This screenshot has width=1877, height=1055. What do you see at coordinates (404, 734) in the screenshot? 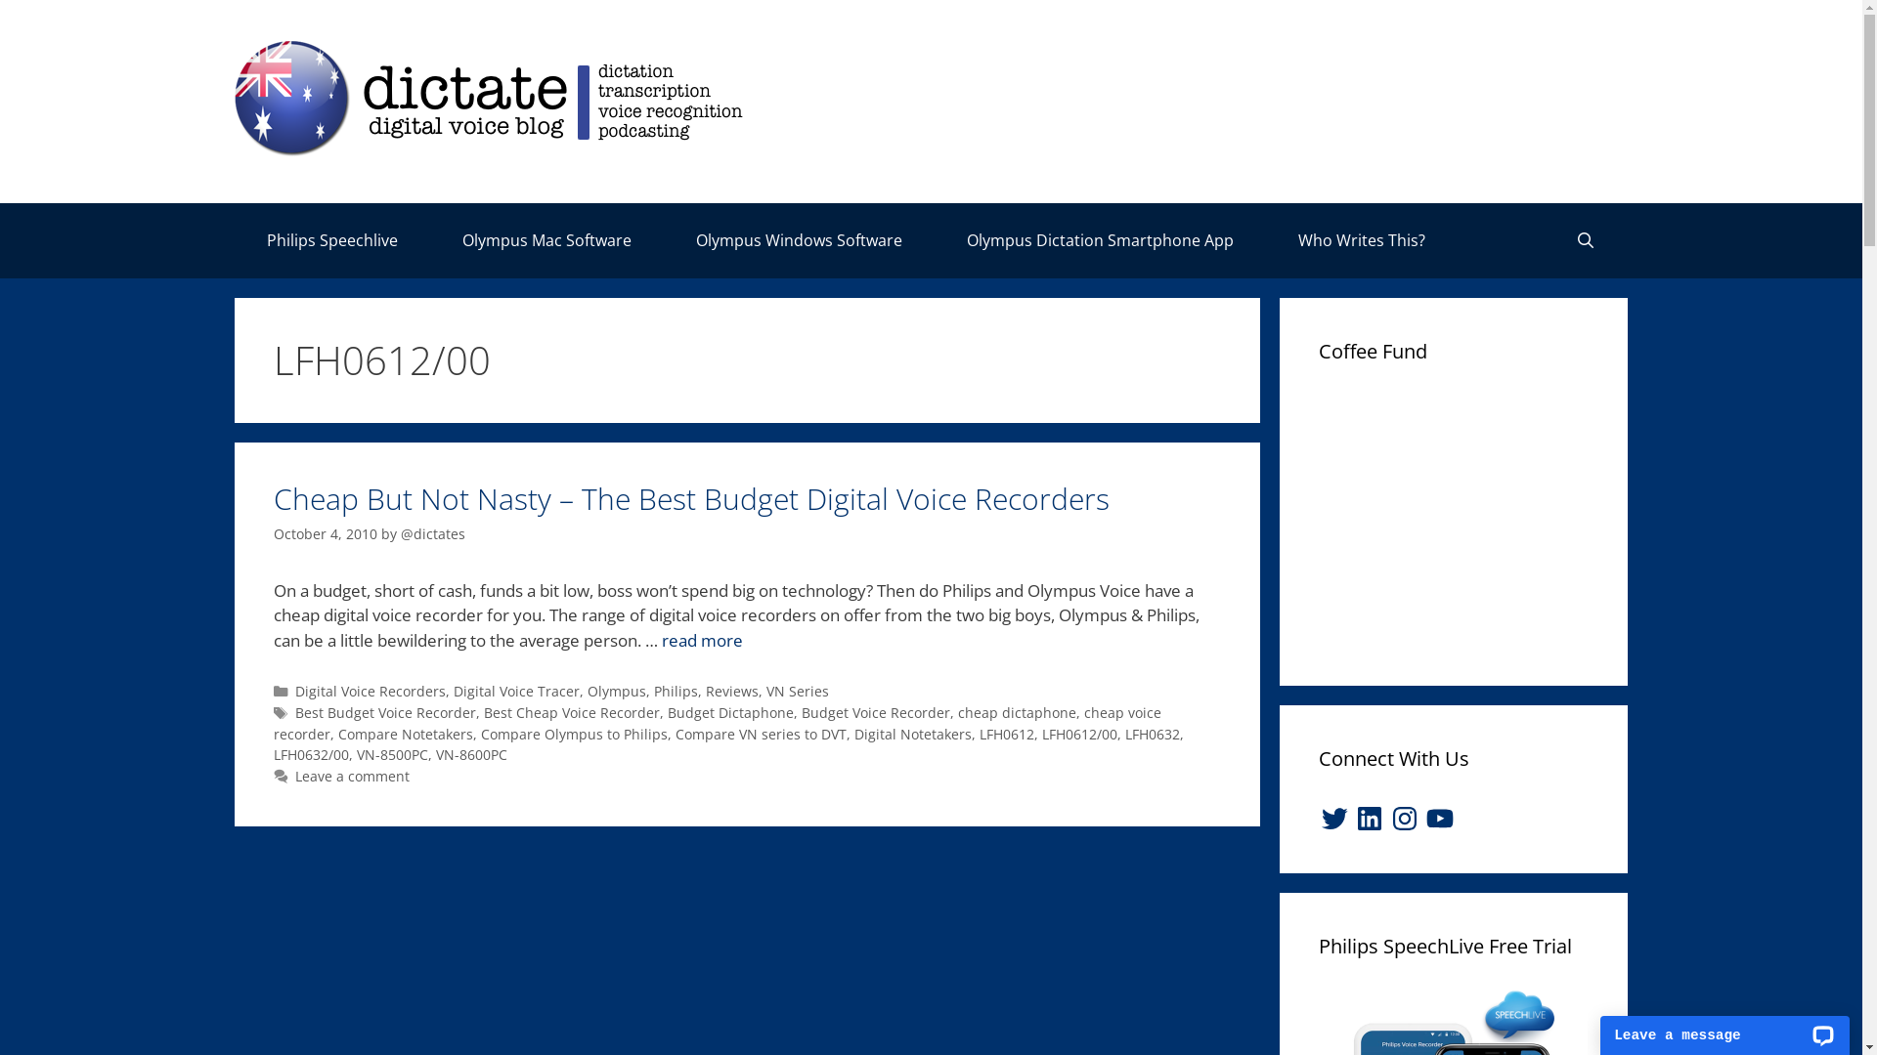
I see `'Compare Notetakers'` at bounding box center [404, 734].